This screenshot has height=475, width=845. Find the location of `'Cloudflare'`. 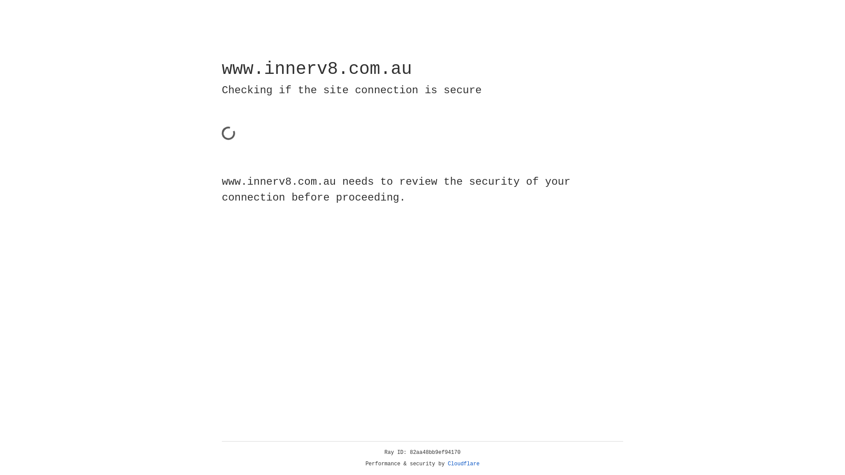

'Cloudflare' is located at coordinates (463, 464).